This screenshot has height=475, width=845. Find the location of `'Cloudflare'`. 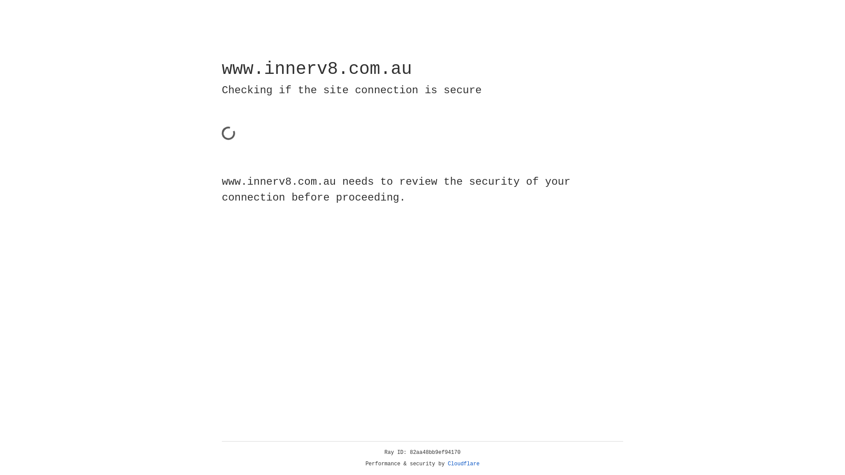

'Cloudflare' is located at coordinates (463, 464).